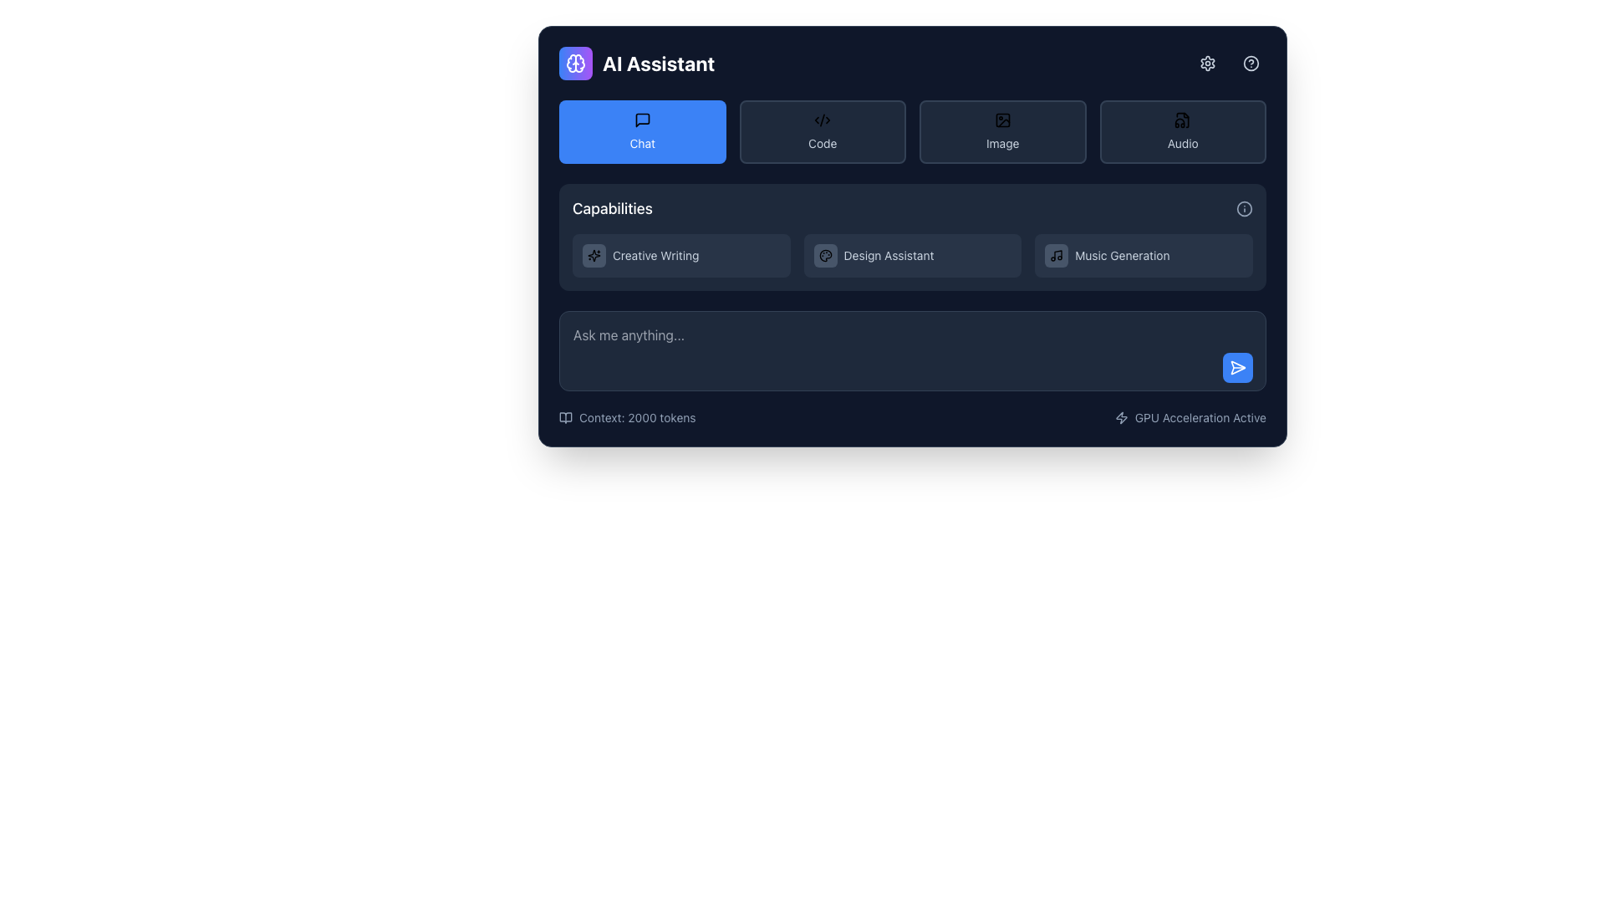 This screenshot has height=903, width=1605. Describe the element at coordinates (1244, 208) in the screenshot. I see `the Informational icon located at the far right of the 'Capabilities' header` at that location.